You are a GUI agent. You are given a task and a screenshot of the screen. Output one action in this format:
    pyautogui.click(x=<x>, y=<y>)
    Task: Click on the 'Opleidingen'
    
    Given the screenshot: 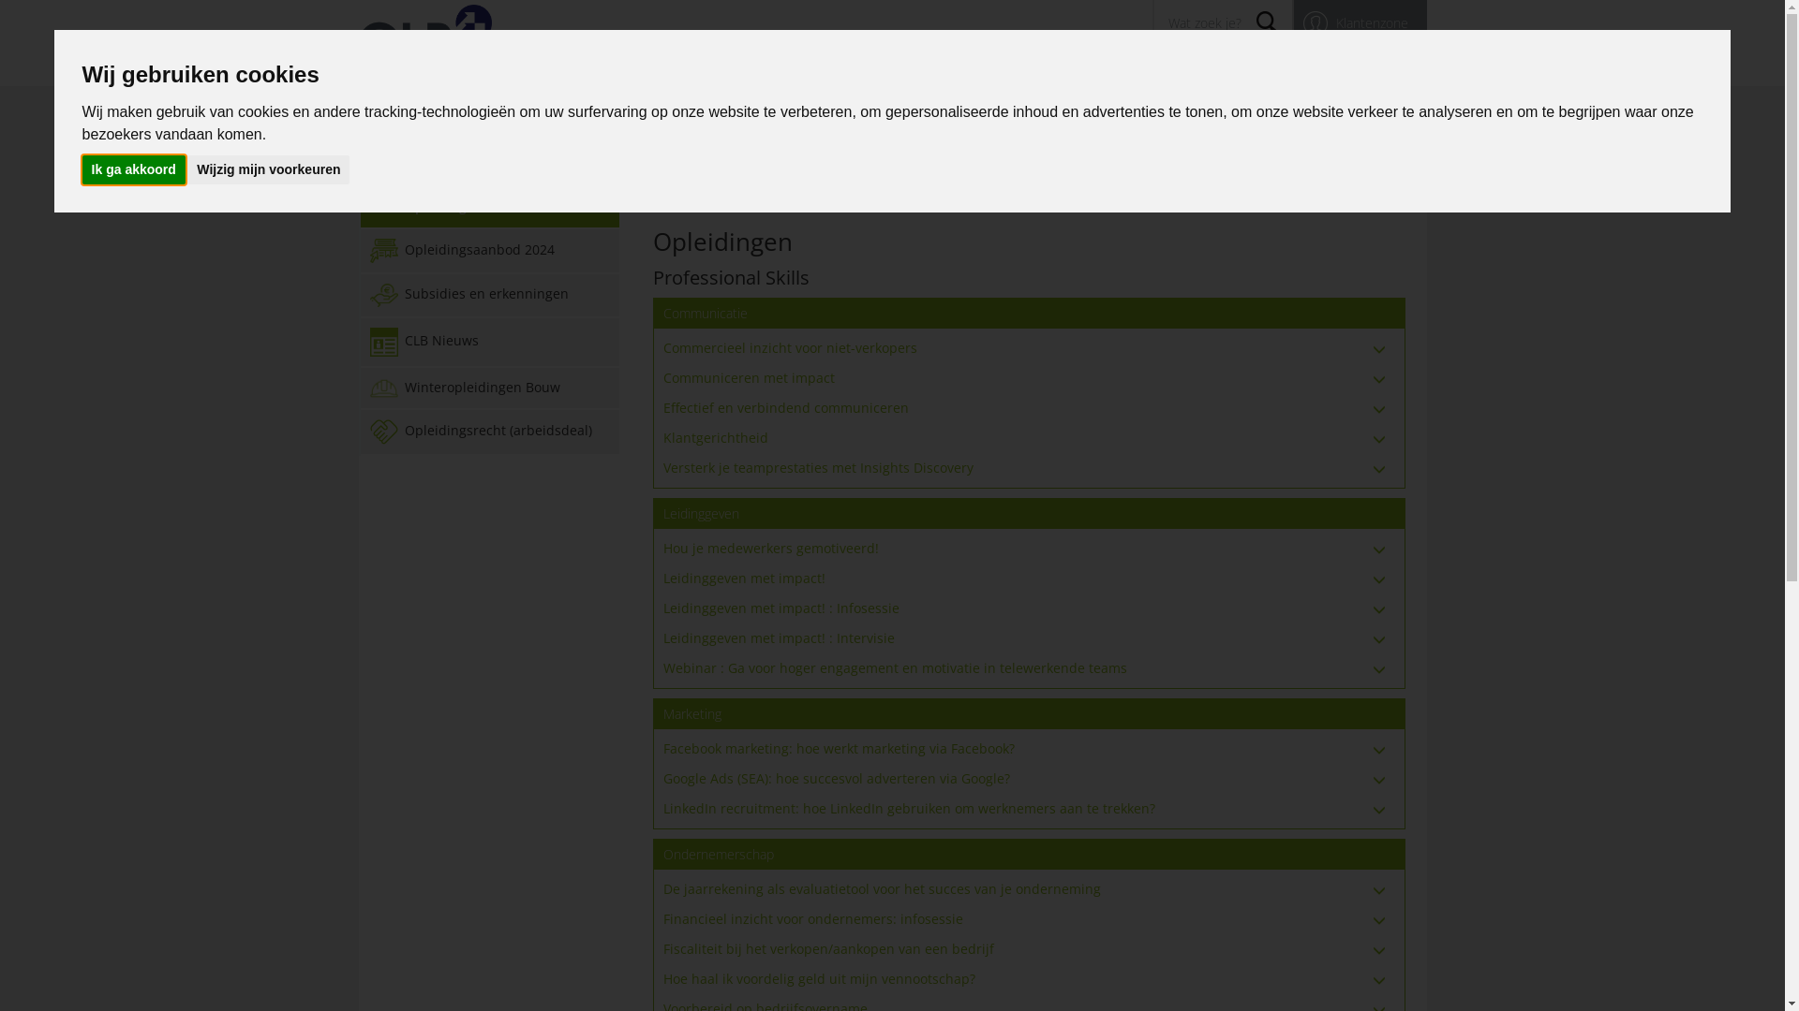 What is the action you would take?
    pyautogui.click(x=489, y=207)
    